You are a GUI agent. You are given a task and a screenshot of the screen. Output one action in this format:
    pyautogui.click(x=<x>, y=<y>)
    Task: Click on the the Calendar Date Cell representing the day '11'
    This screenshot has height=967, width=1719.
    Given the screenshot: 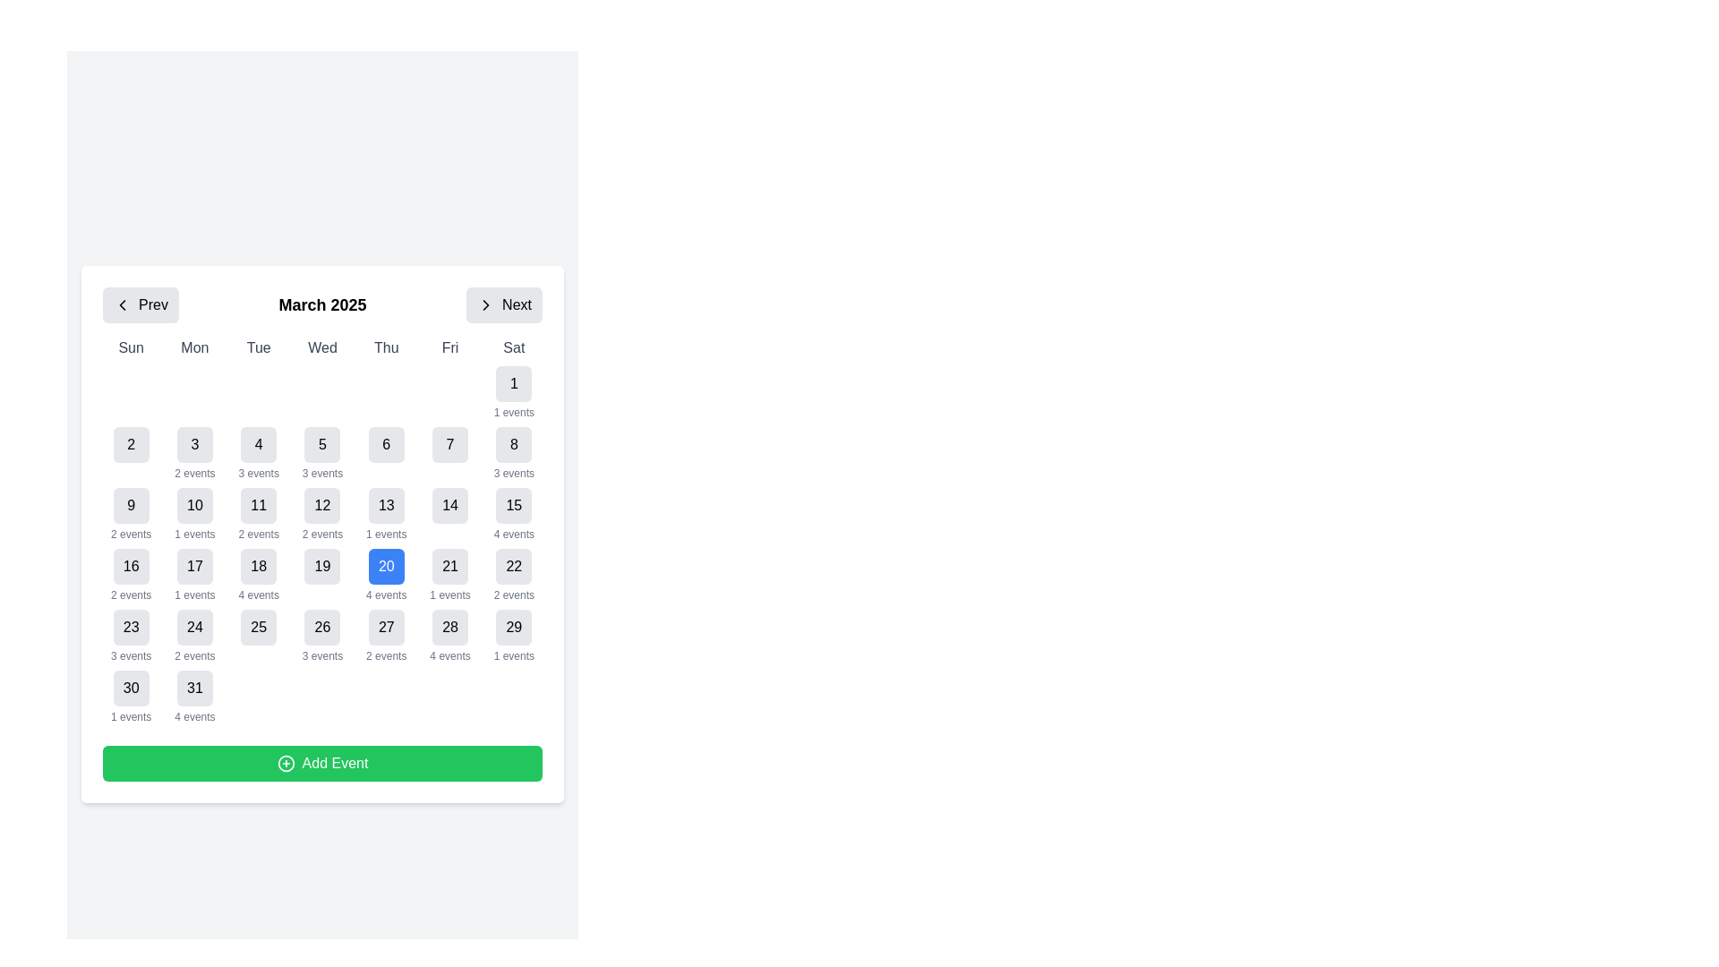 What is the action you would take?
    pyautogui.click(x=258, y=514)
    